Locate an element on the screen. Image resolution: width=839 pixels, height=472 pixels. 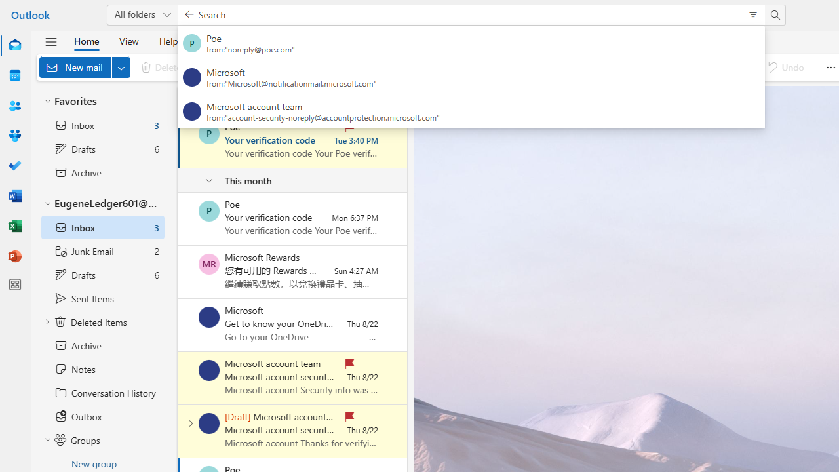
'Word' is located at coordinates (15, 195).